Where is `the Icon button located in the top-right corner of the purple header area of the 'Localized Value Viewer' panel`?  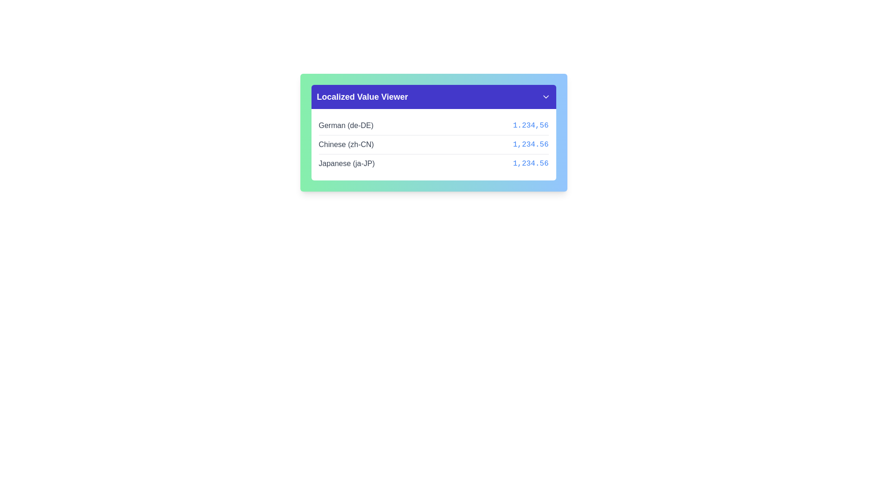
the Icon button located in the top-right corner of the purple header area of the 'Localized Value Viewer' panel is located at coordinates (546, 96).